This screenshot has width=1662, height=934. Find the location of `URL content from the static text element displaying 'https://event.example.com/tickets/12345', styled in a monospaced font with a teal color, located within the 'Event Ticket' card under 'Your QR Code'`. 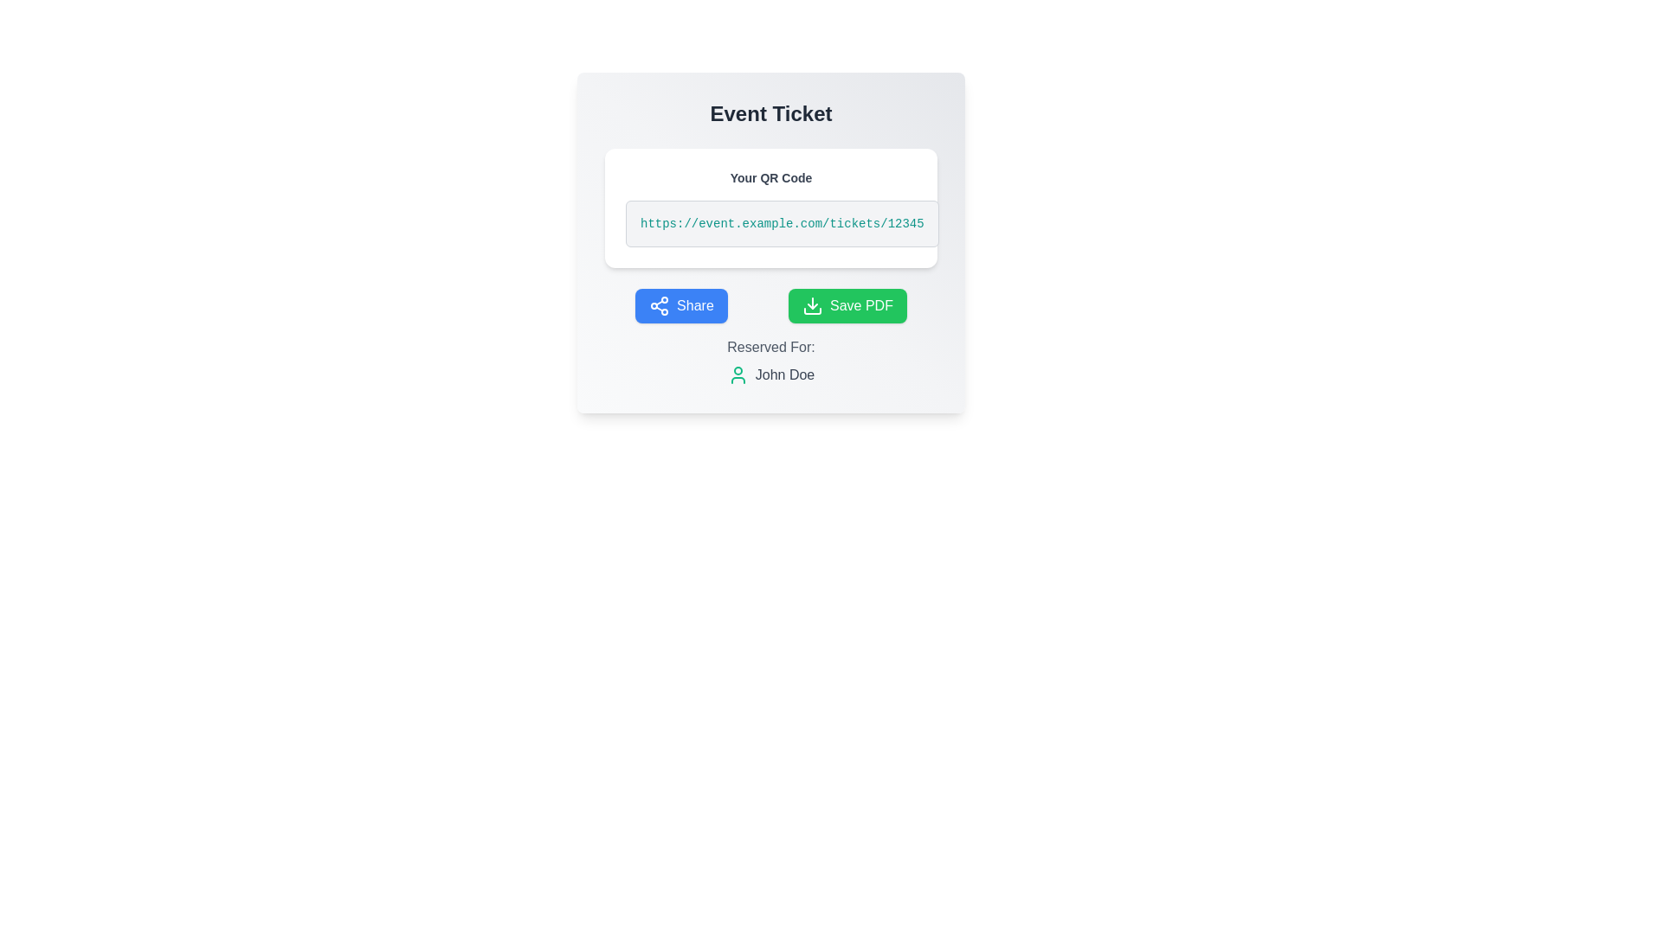

URL content from the static text element displaying 'https://event.example.com/tickets/12345', styled in a monospaced font with a teal color, located within the 'Event Ticket' card under 'Your QR Code' is located at coordinates (781, 222).